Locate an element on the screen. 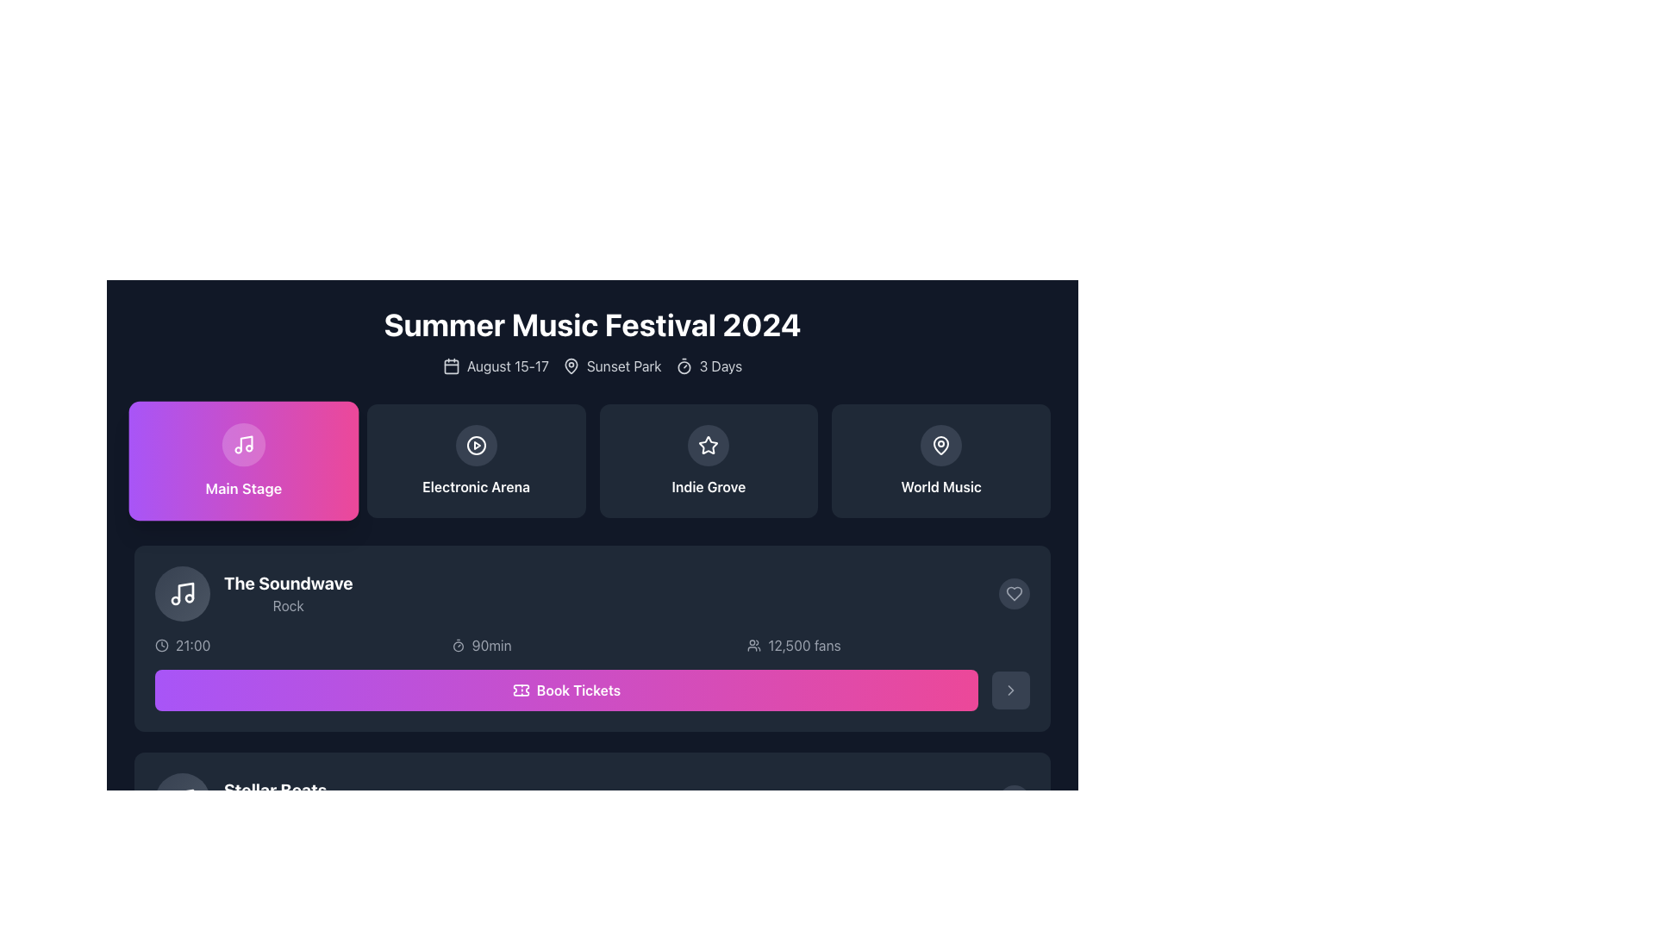 The width and height of the screenshot is (1655, 931). the circular button with a gray background and a white star icon located in the 'Indie Grove' section, uniquely identifiable as it is the only button in this context is located at coordinates (709, 444).